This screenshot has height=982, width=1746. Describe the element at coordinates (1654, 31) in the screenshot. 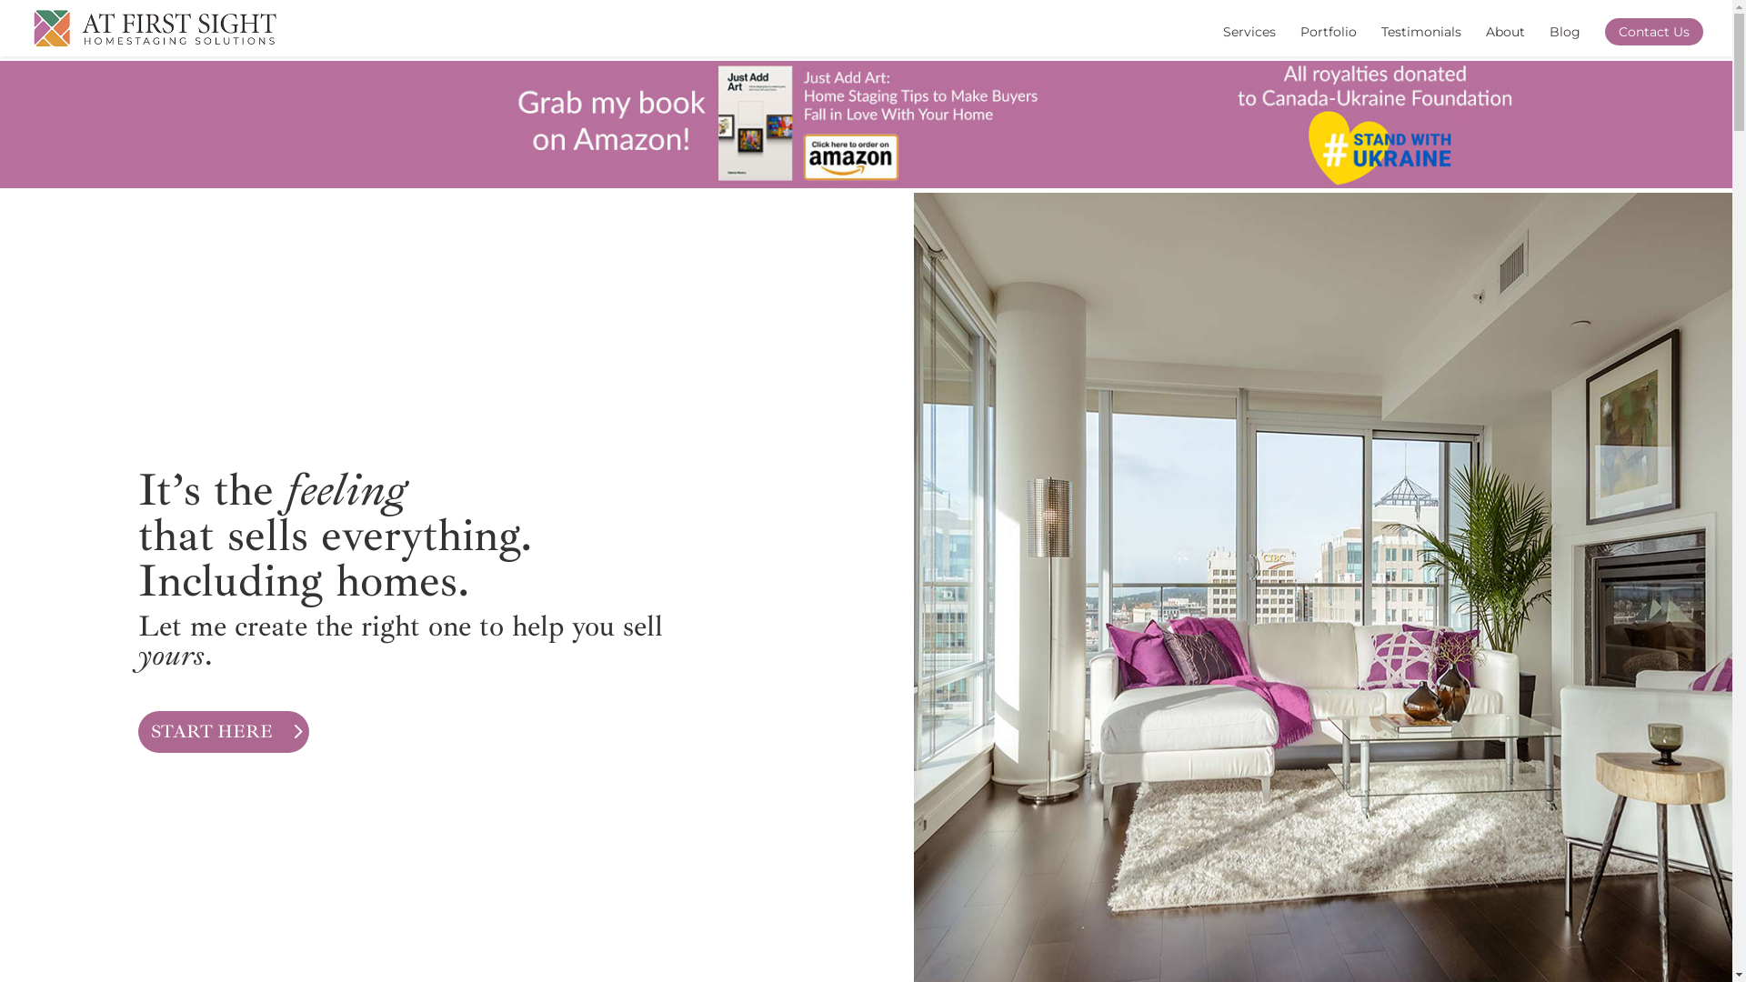

I see `'Contact Us'` at that location.